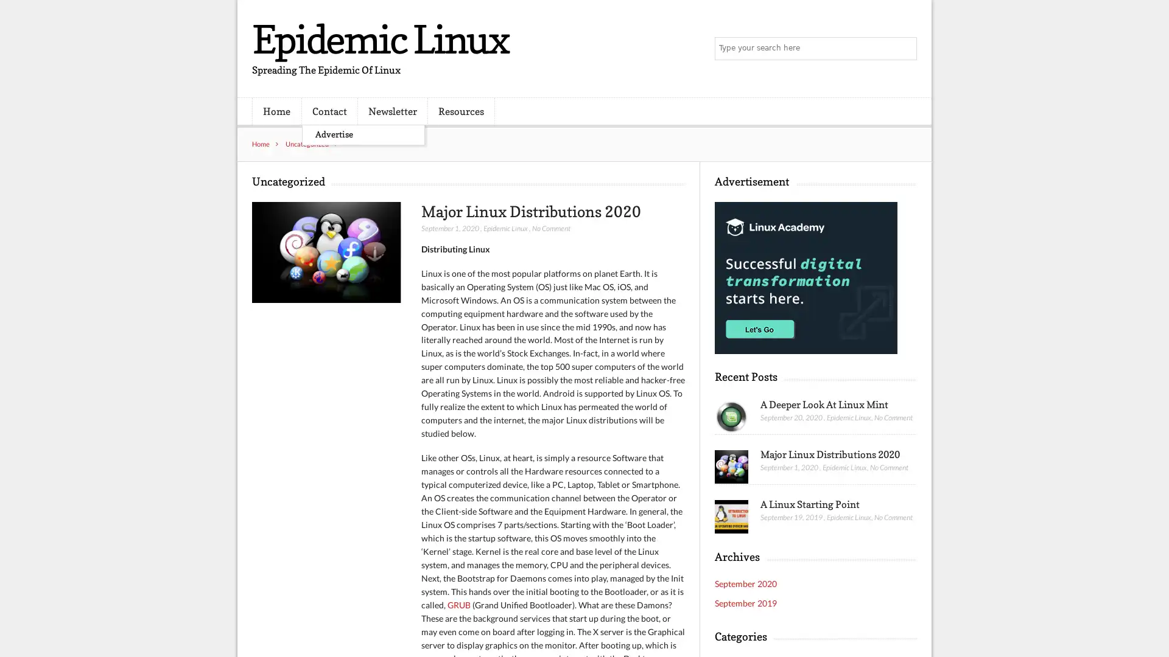 The width and height of the screenshot is (1169, 657). What do you see at coordinates (904, 49) in the screenshot?
I see `Search` at bounding box center [904, 49].